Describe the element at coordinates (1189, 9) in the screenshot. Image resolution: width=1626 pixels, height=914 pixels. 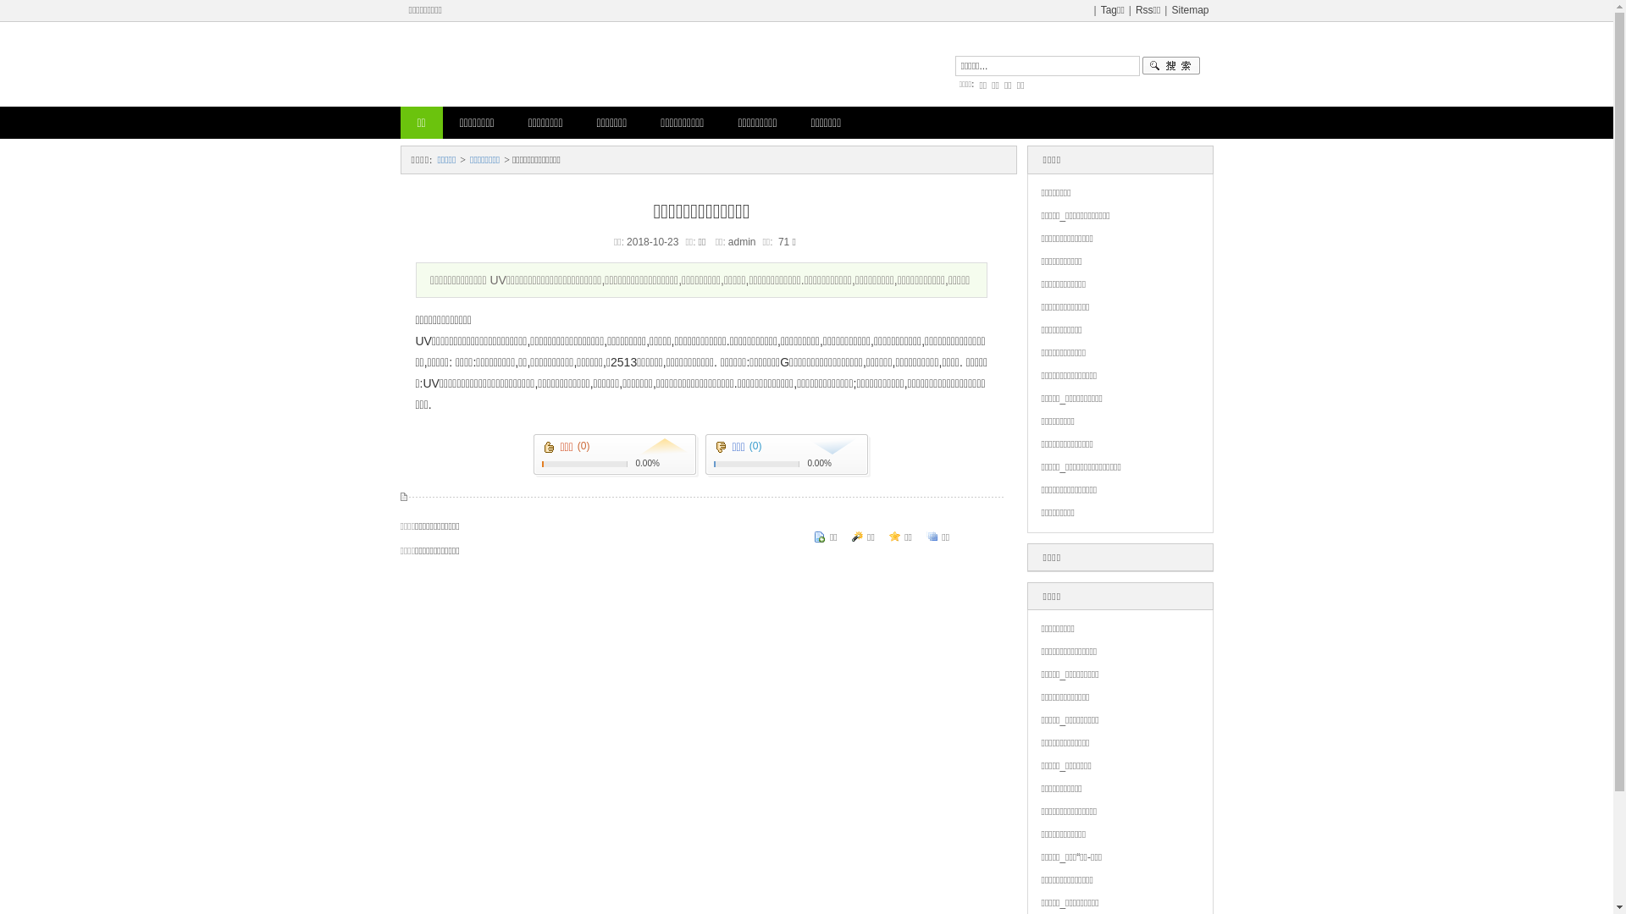
I see `'Sitemap'` at that location.